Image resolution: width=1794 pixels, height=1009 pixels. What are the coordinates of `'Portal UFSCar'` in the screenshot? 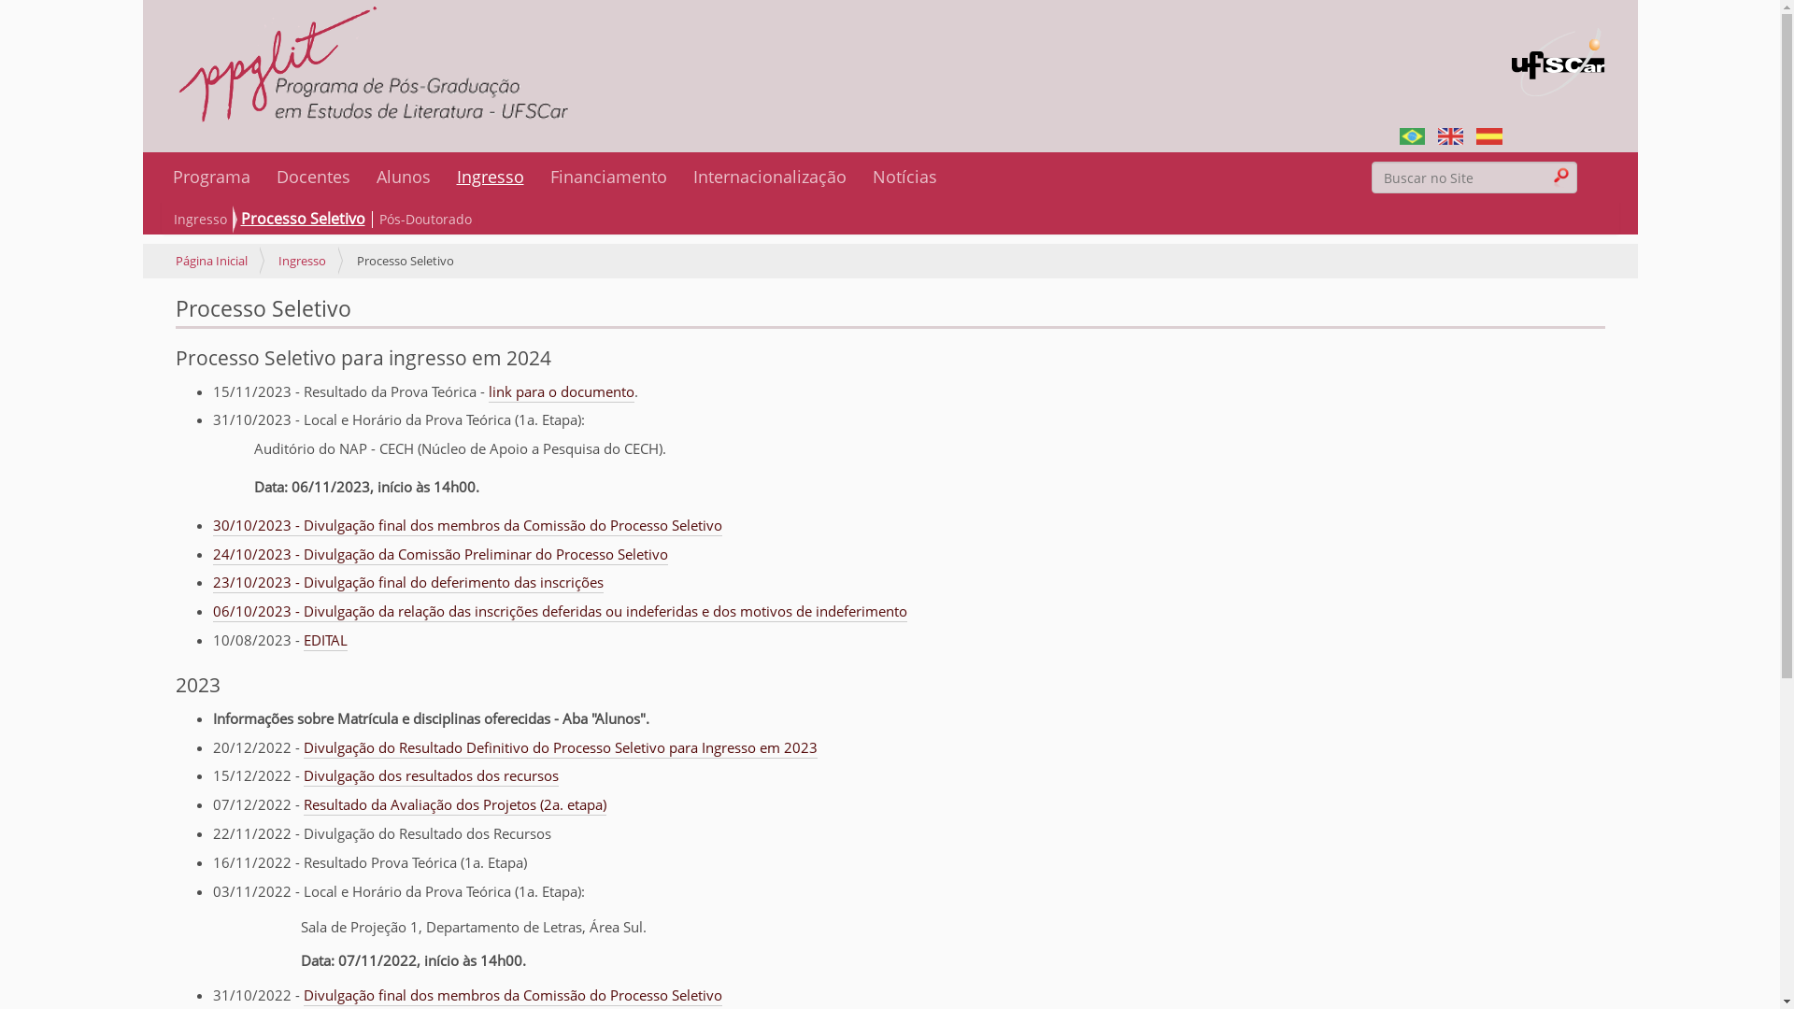 It's located at (1558, 50).